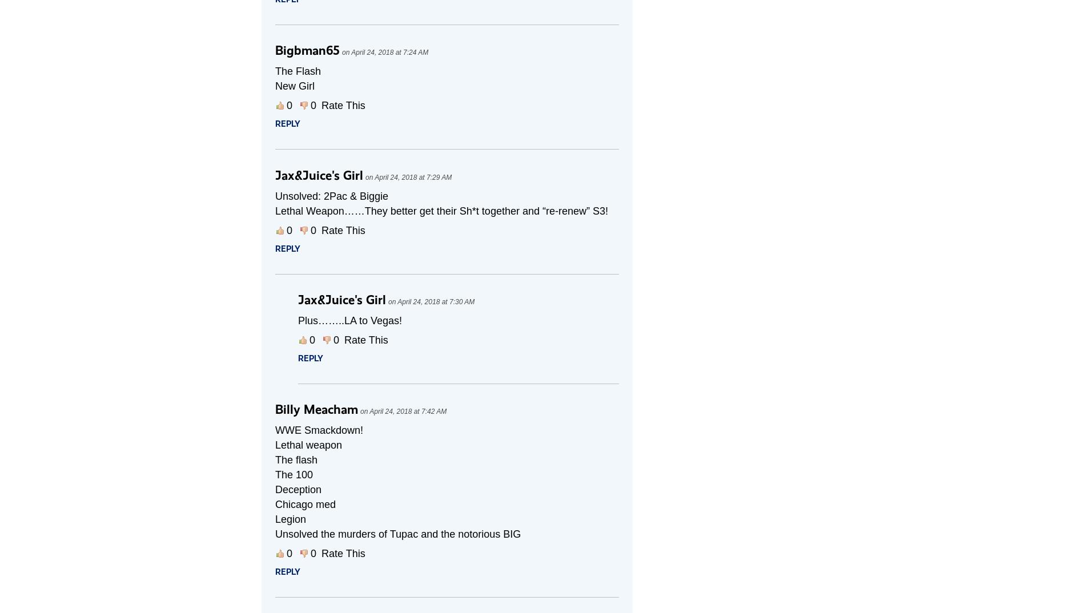 Image resolution: width=1085 pixels, height=613 pixels. I want to click on 'The Flash', so click(298, 71).